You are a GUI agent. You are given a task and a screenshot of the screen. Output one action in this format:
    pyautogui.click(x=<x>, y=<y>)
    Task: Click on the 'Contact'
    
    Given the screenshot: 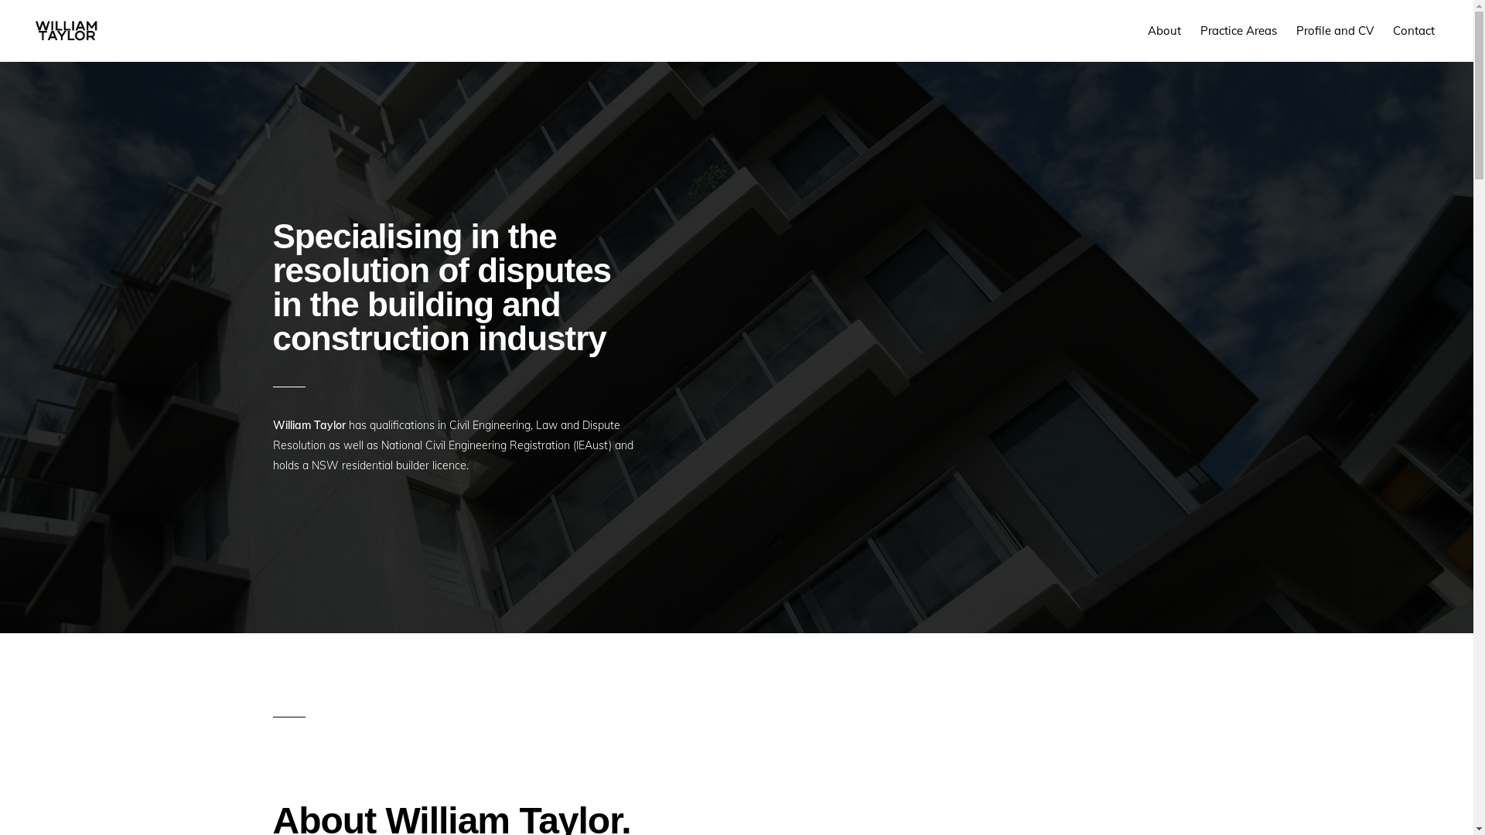 What is the action you would take?
    pyautogui.click(x=1414, y=30)
    